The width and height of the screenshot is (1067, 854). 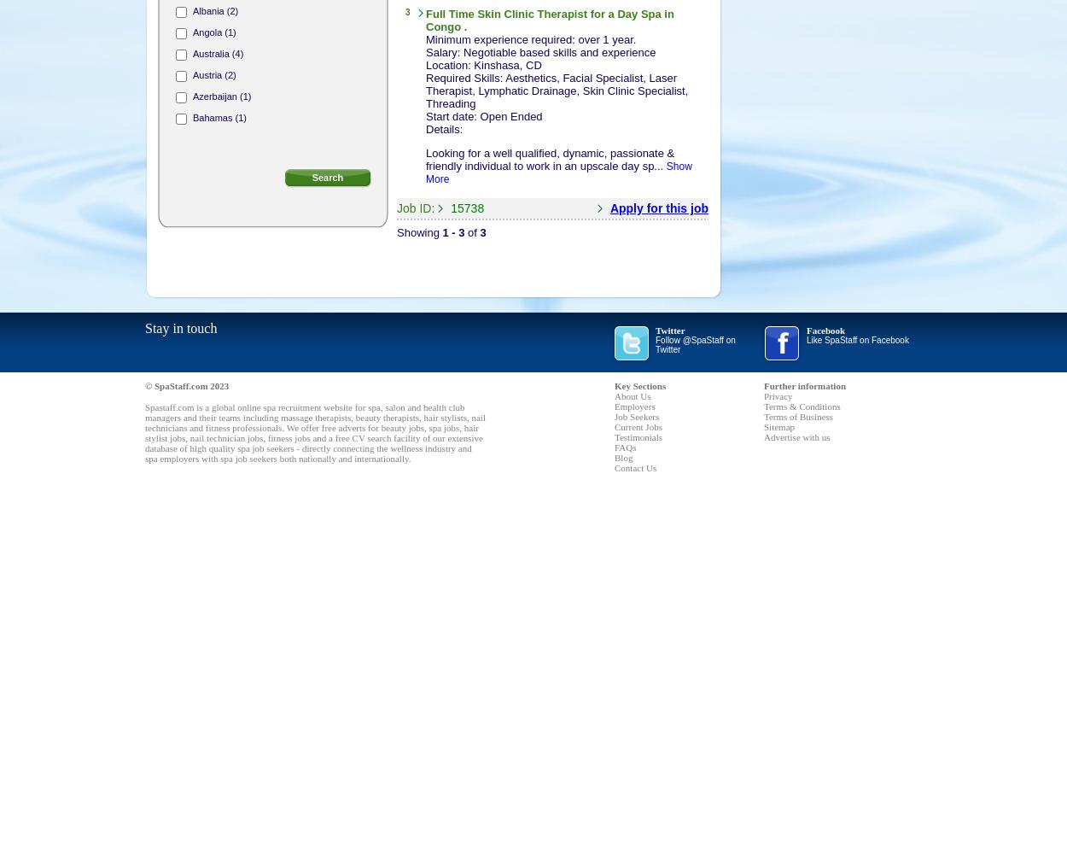 I want to click on 'Bahamas (1)', so click(x=219, y=118).